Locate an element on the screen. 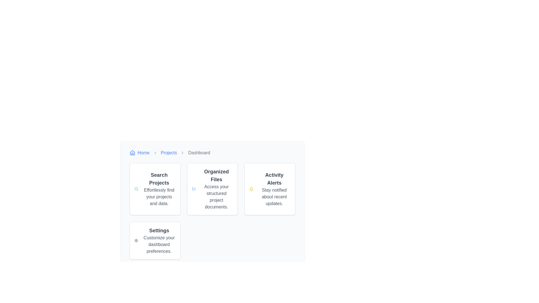  the Text Label in the 'Organized Files' section, located below the title 'Organized Files' in the second column of a grid layout is located at coordinates (216, 197).